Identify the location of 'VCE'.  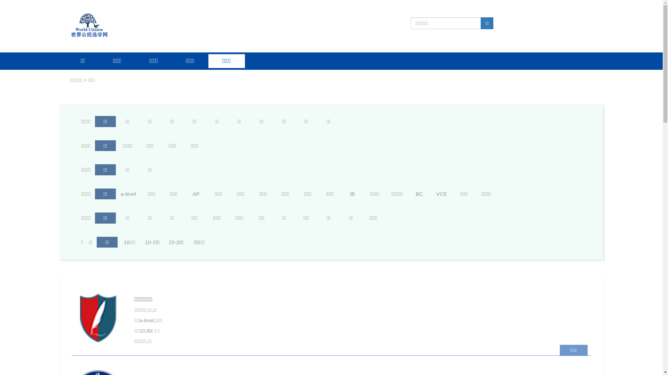
(441, 194).